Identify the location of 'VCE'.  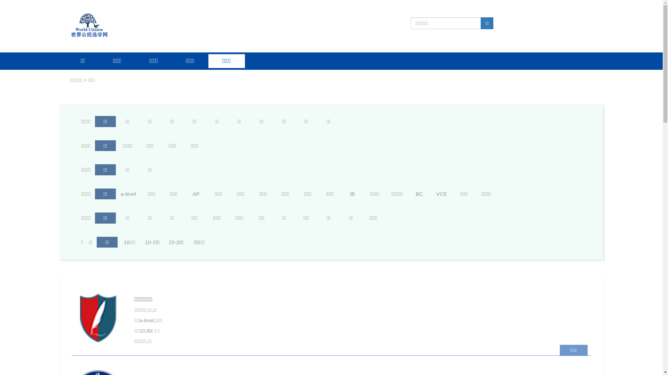
(441, 194).